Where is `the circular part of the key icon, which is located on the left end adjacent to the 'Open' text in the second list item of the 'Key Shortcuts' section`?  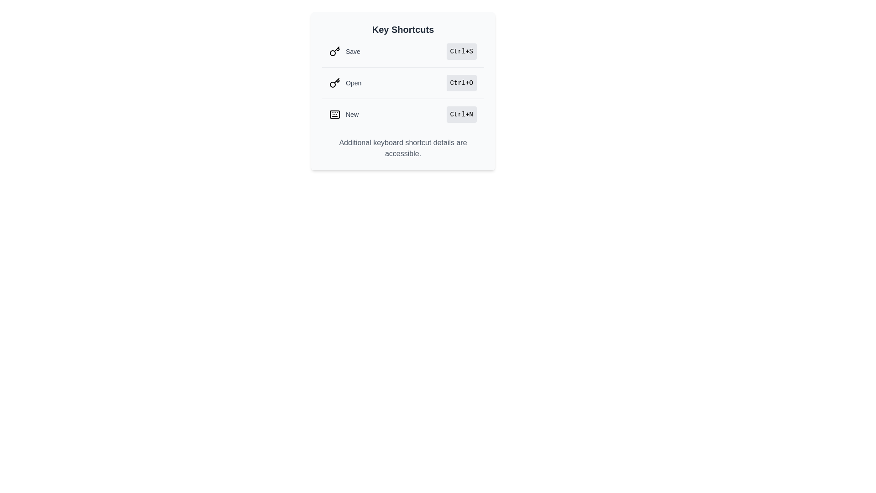
the circular part of the key icon, which is located on the left end adjacent to the 'Open' text in the second list item of the 'Key Shortcuts' section is located at coordinates (332, 84).